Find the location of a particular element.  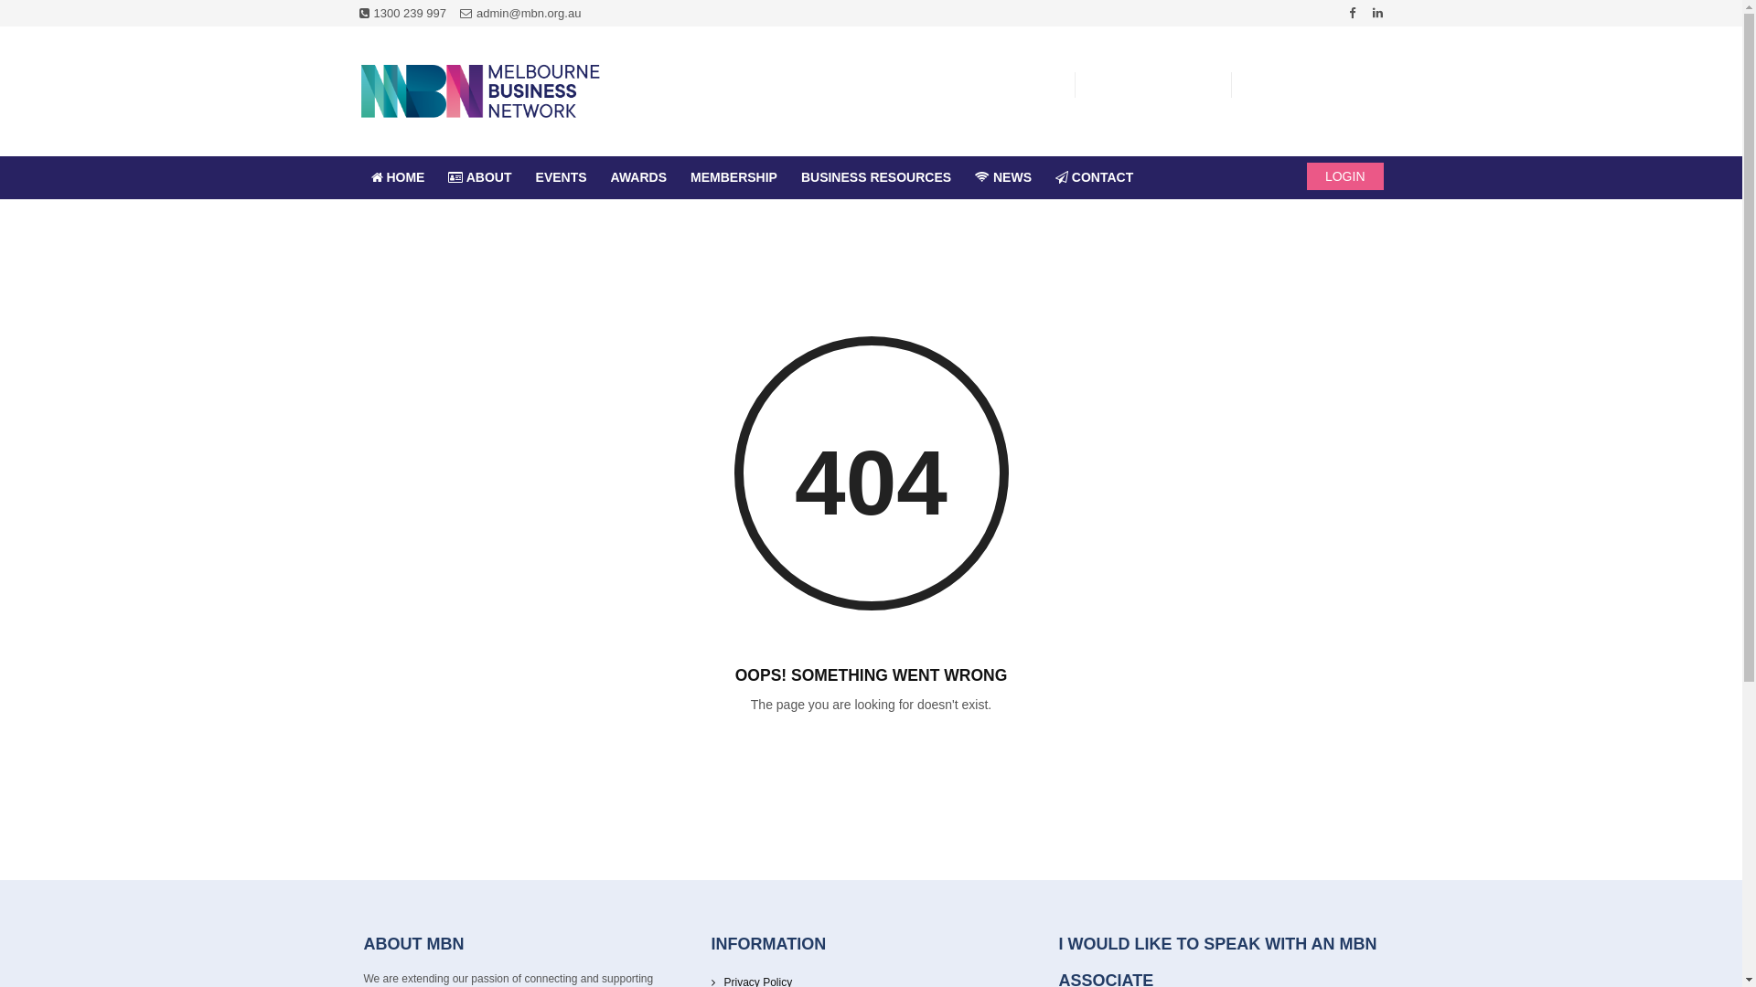

'LinkedIn' is located at coordinates (1377, 13).